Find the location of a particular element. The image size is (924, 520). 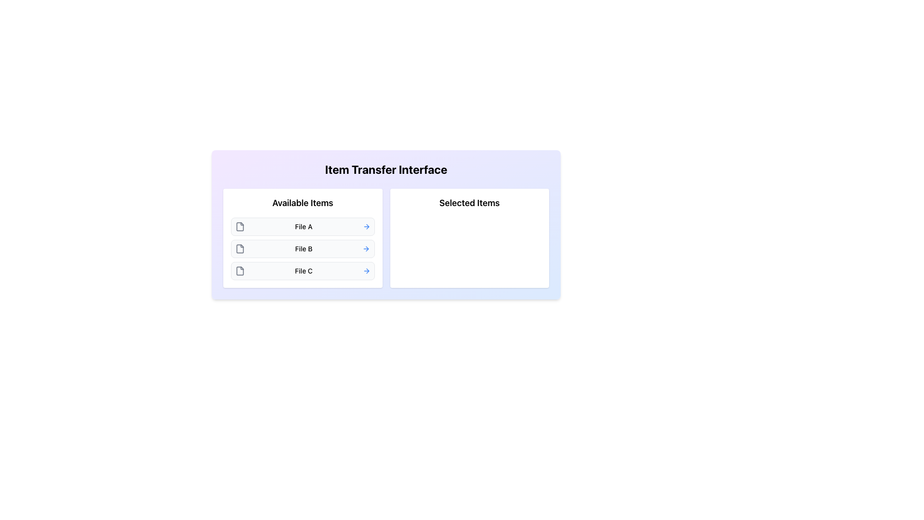

text label 'File A' located in the second row of the 'Available Items' list, positioned between a file icon and a blue directional arrow is located at coordinates (303, 226).